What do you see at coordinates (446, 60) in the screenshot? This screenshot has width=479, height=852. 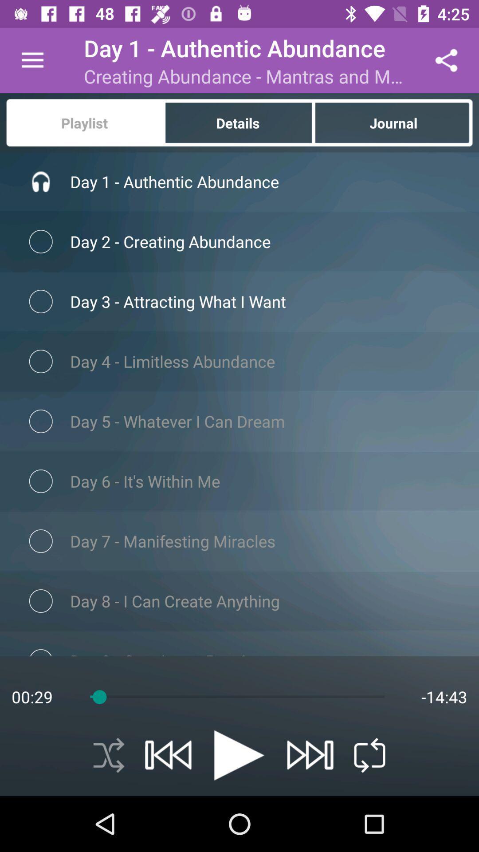 I see `icon to the right of creating abundance mantras` at bounding box center [446, 60].